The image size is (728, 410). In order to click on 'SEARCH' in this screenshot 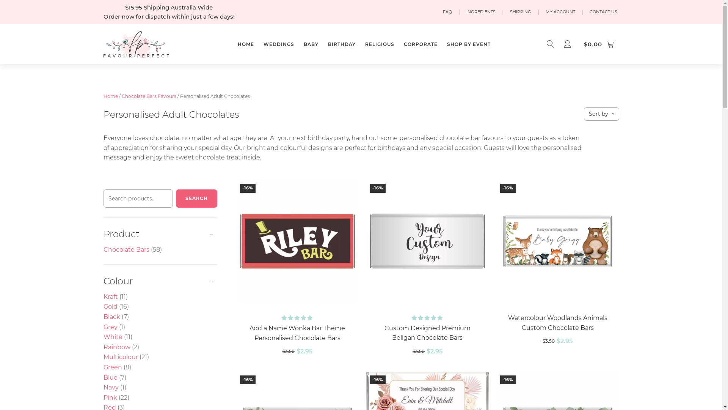, I will do `click(176, 198)`.